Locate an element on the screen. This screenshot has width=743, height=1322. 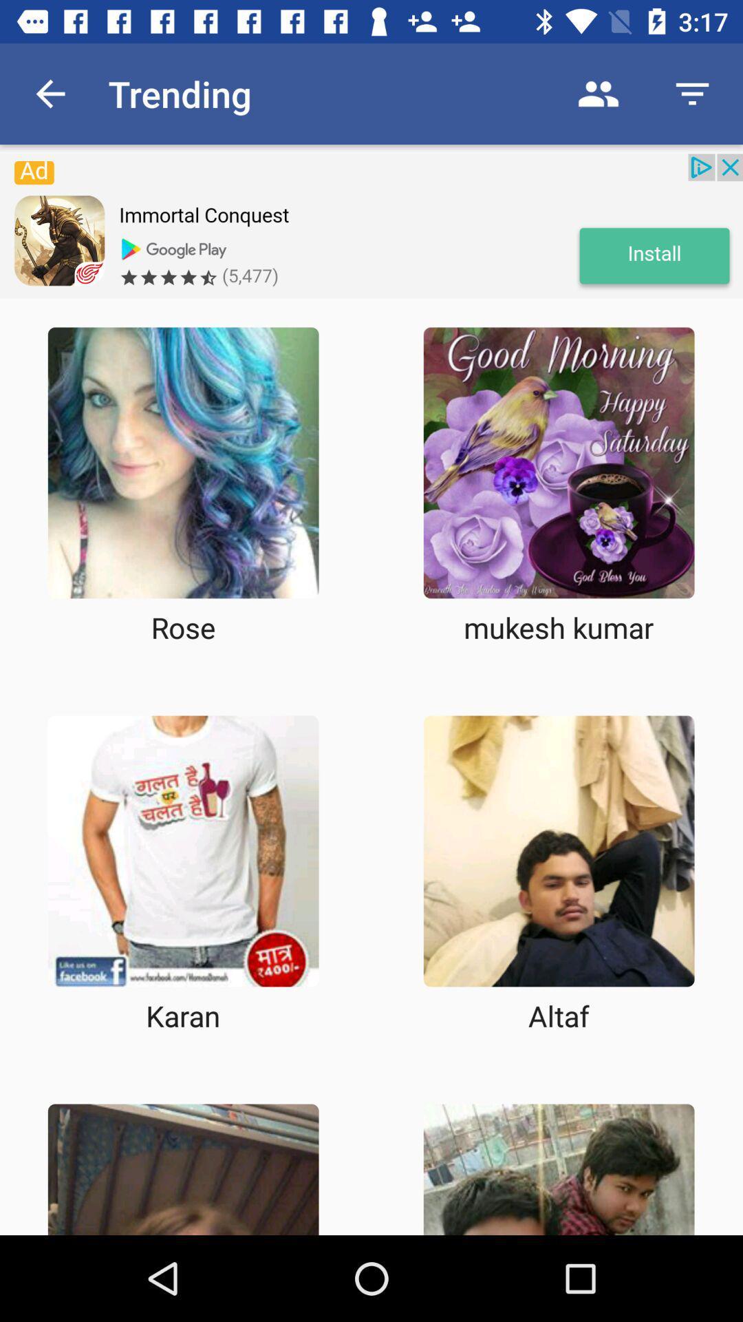
option is located at coordinates (182, 463).